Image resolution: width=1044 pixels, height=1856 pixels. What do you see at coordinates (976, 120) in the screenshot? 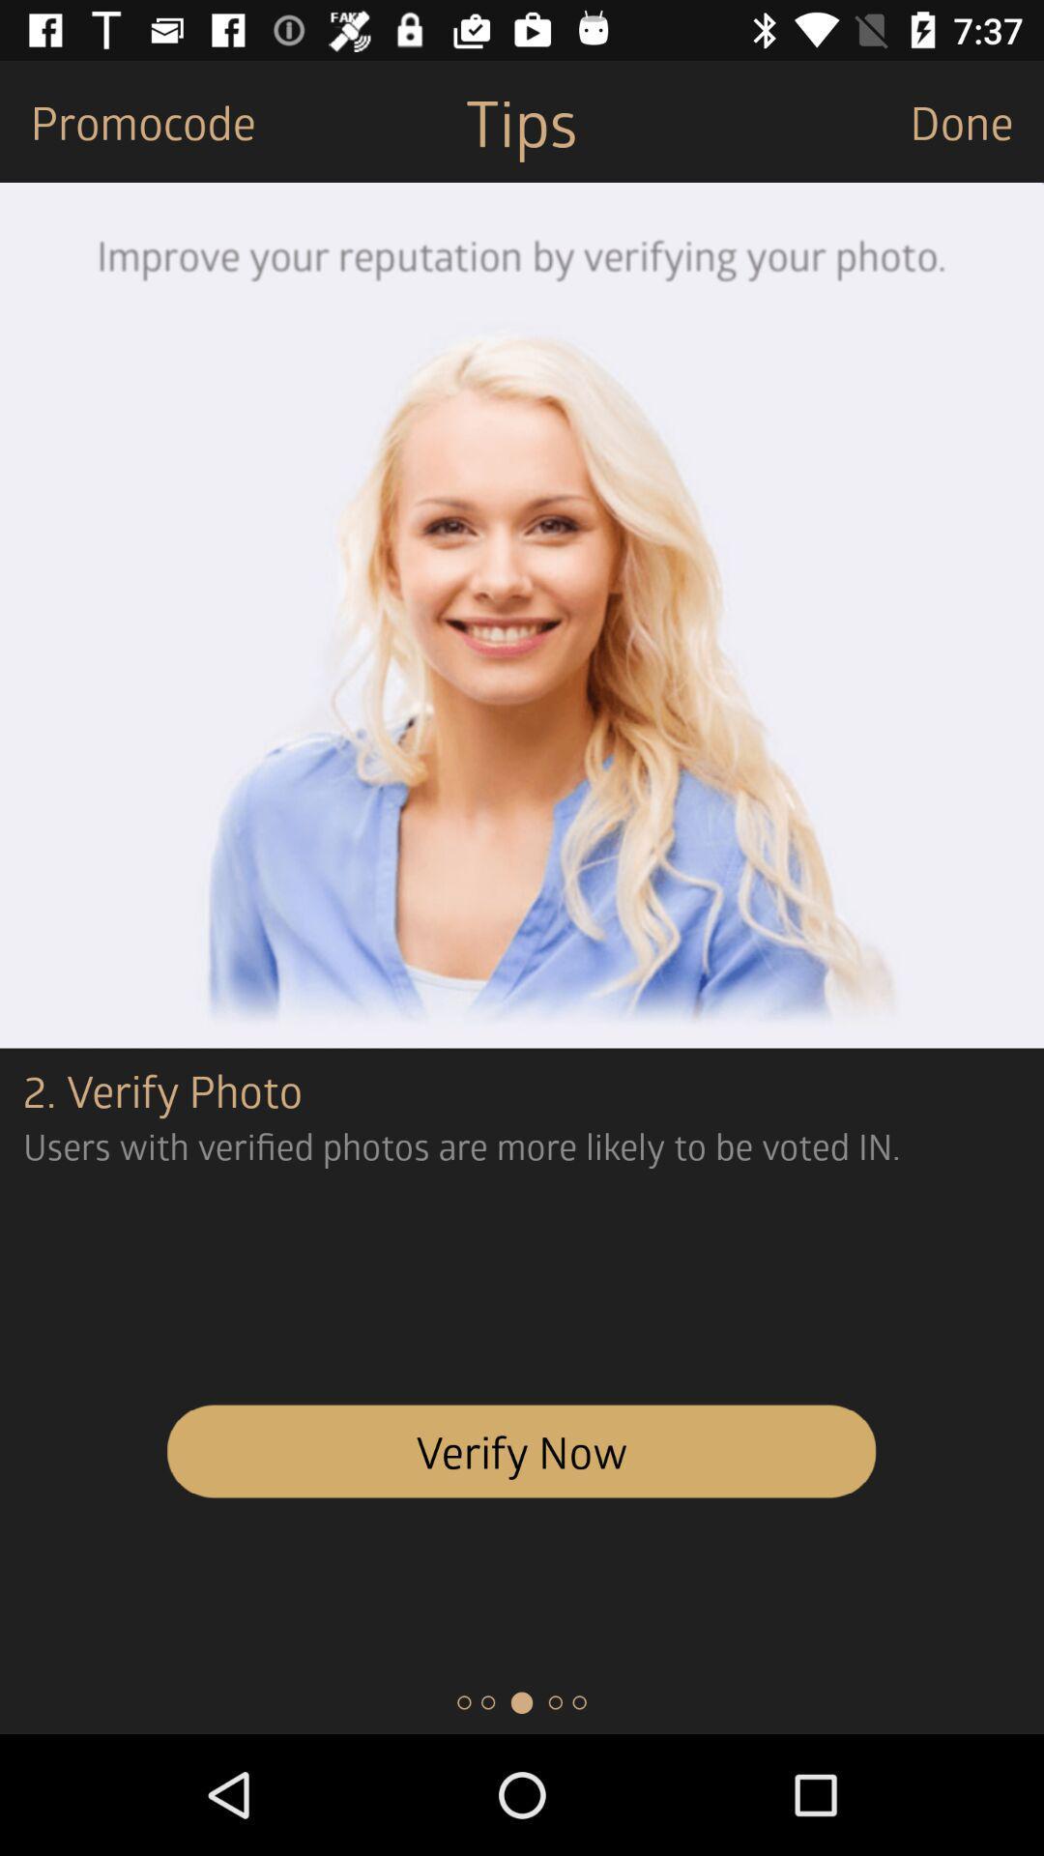
I see `the icon to the right of tips` at bounding box center [976, 120].